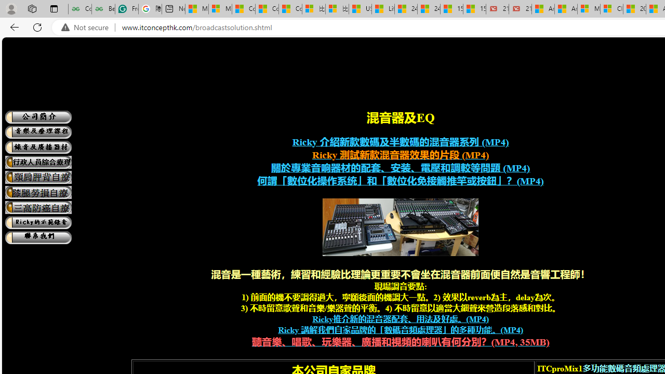 This screenshot has width=665, height=374. What do you see at coordinates (103, 9) in the screenshot?
I see `'Best SSL Certificates Provider in India - GeeksforGeeks'` at bounding box center [103, 9].